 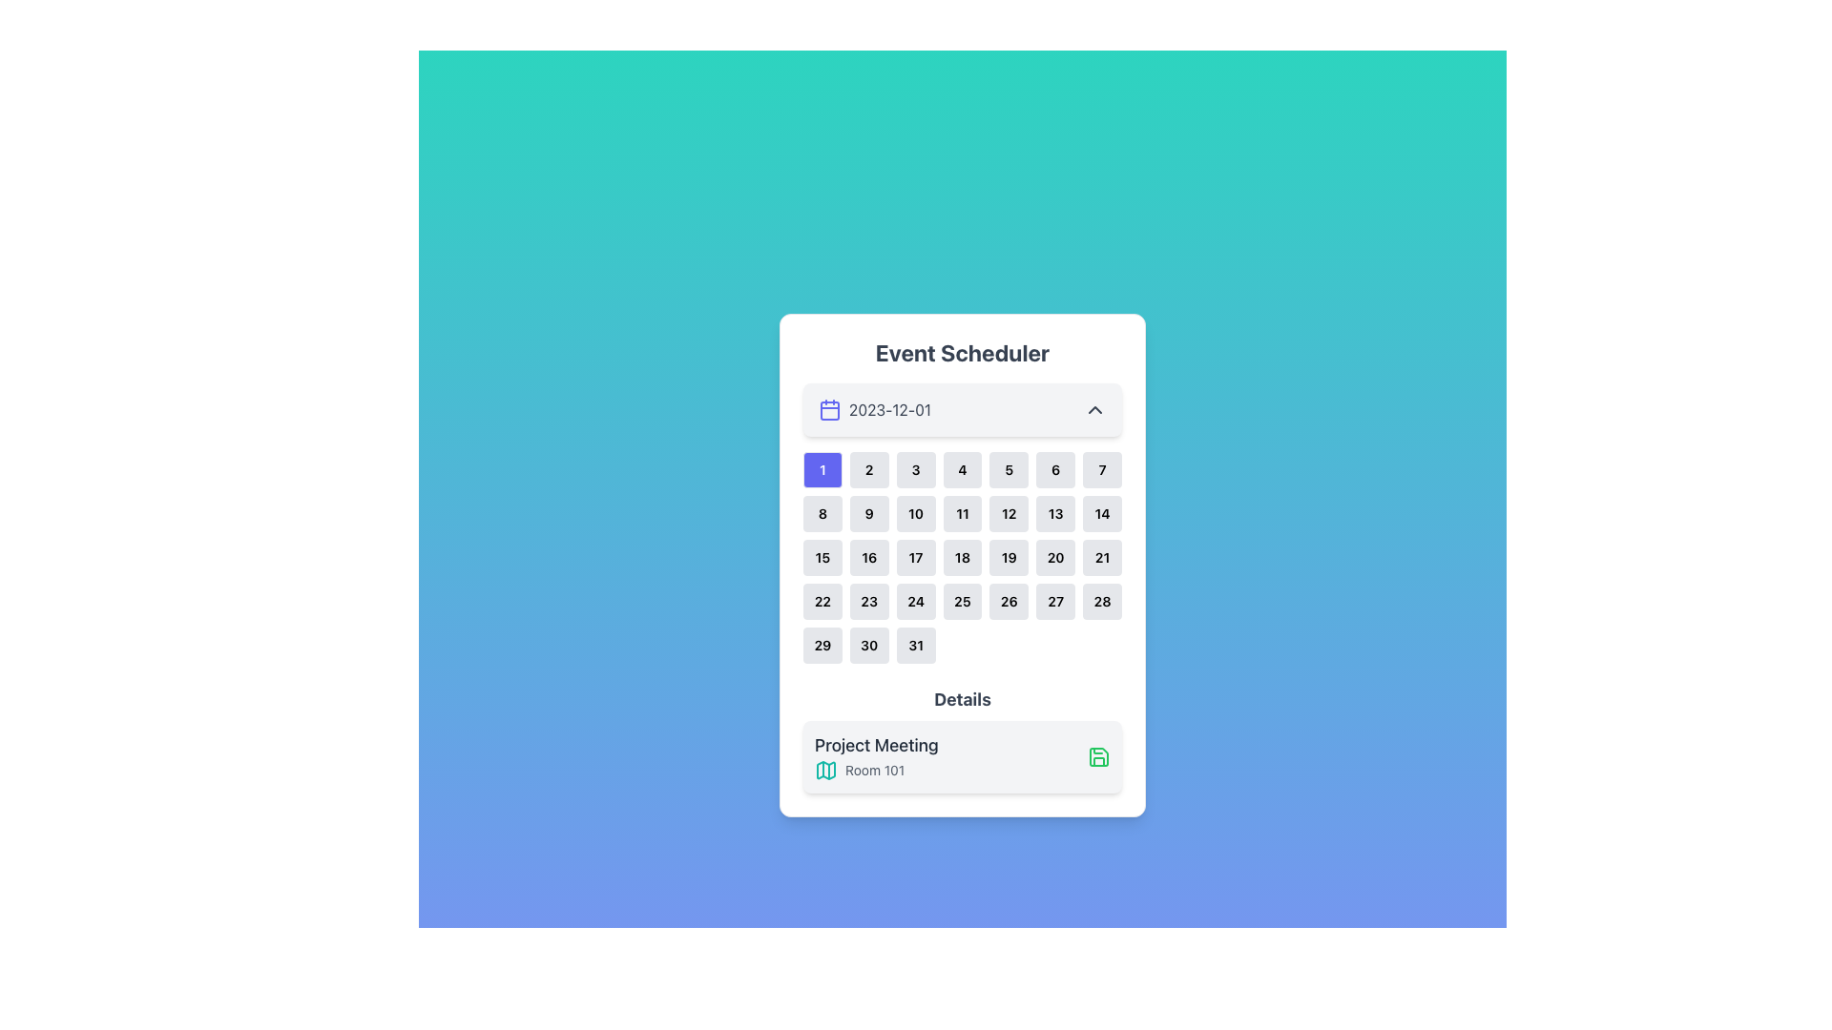 What do you see at coordinates (868, 513) in the screenshot?
I see `the rounded rectangular button labeled '9' with a light gray background` at bounding box center [868, 513].